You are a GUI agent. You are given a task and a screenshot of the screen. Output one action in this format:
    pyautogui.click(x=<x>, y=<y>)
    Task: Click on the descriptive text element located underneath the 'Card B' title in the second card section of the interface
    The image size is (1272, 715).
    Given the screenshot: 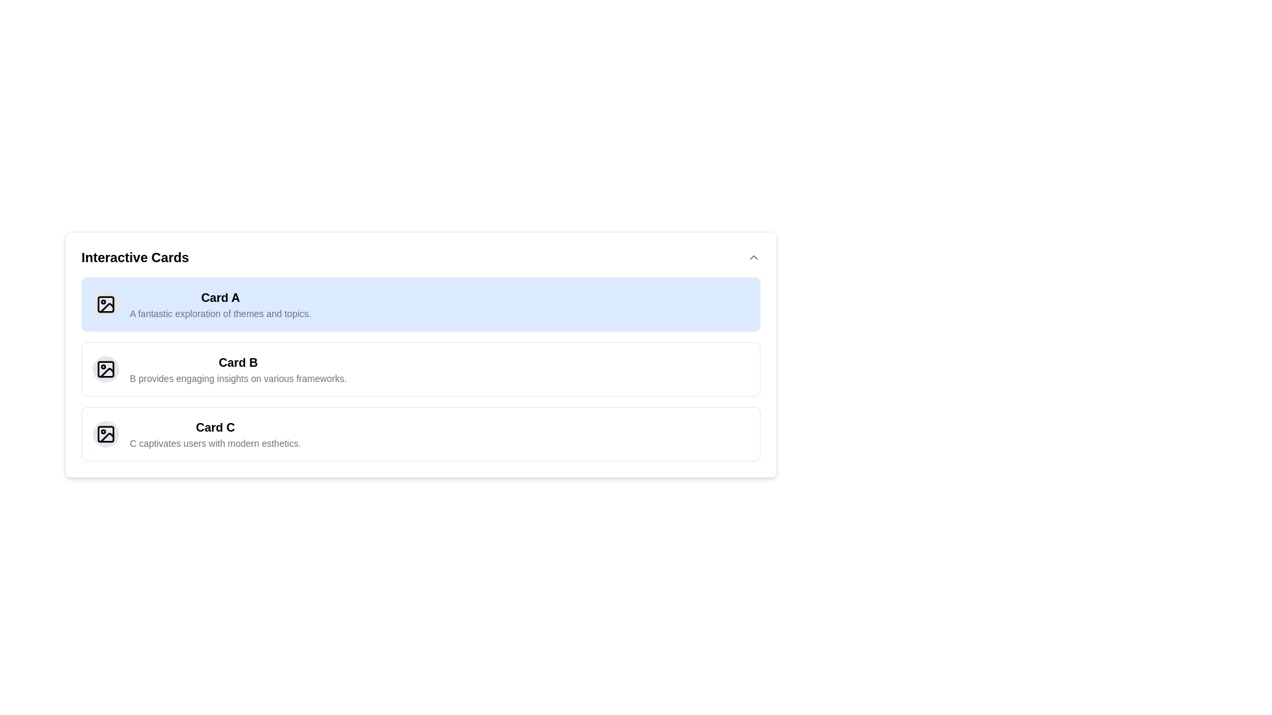 What is the action you would take?
    pyautogui.click(x=238, y=378)
    